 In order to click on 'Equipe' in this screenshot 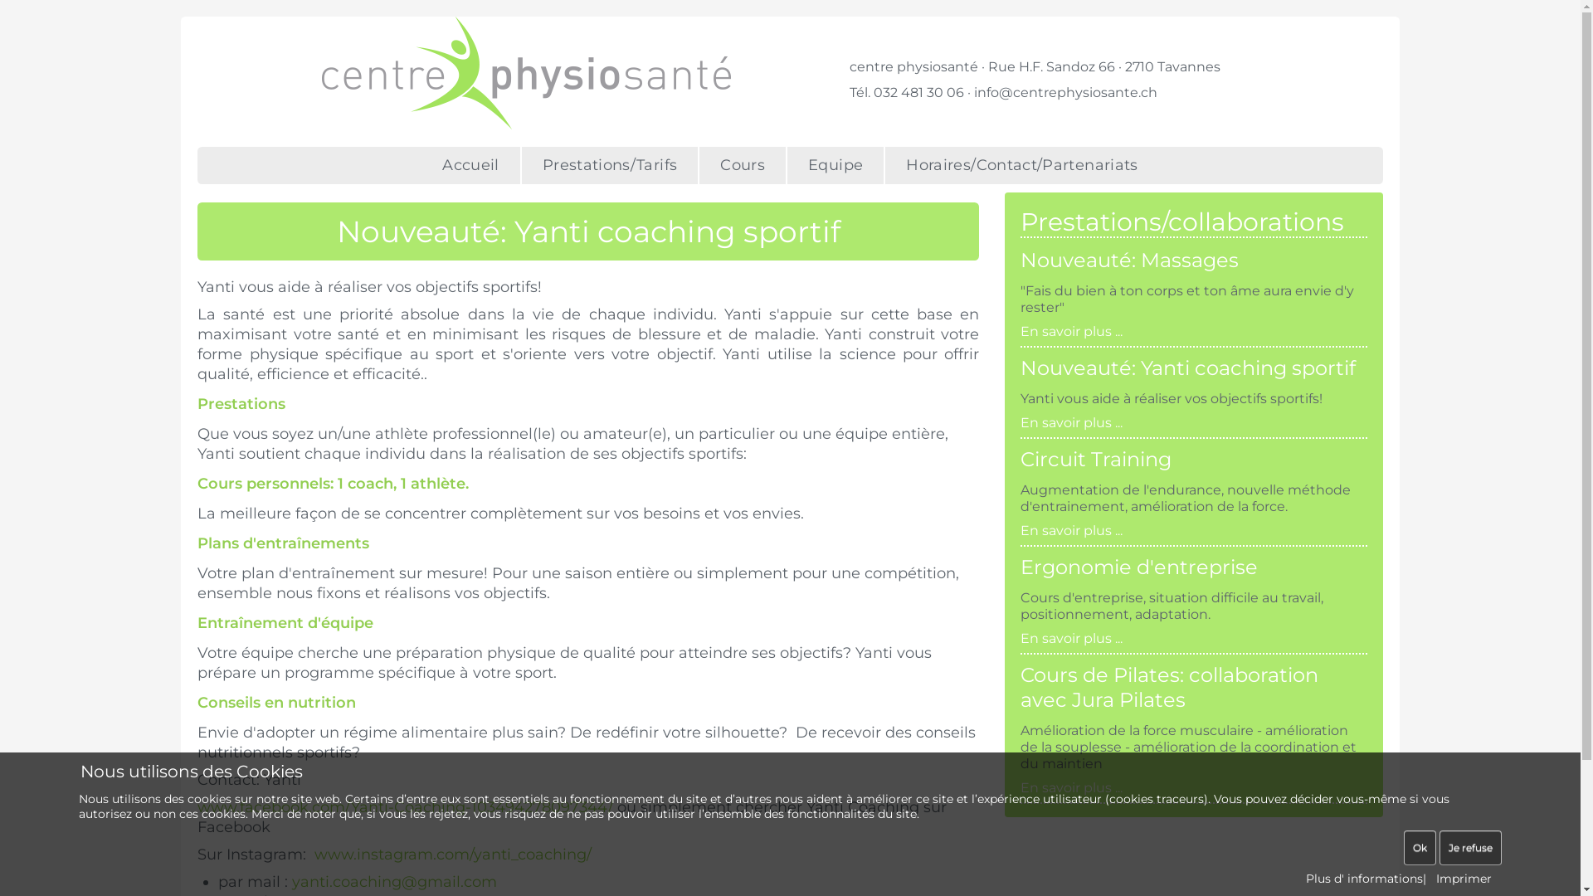, I will do `click(836, 165)`.